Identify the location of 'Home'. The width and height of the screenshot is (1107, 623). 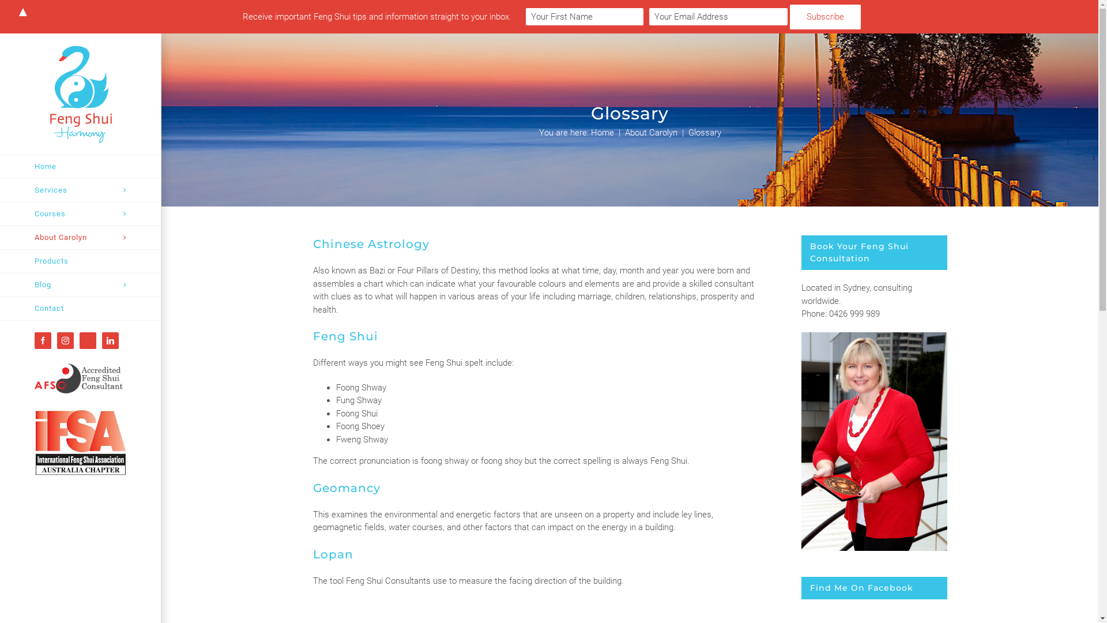
(80, 167).